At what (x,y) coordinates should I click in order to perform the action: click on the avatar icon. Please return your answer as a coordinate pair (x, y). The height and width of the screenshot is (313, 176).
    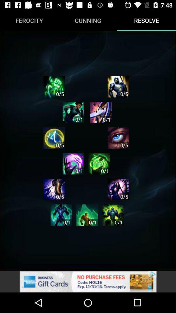
    Looking at the image, I should click on (61, 215).